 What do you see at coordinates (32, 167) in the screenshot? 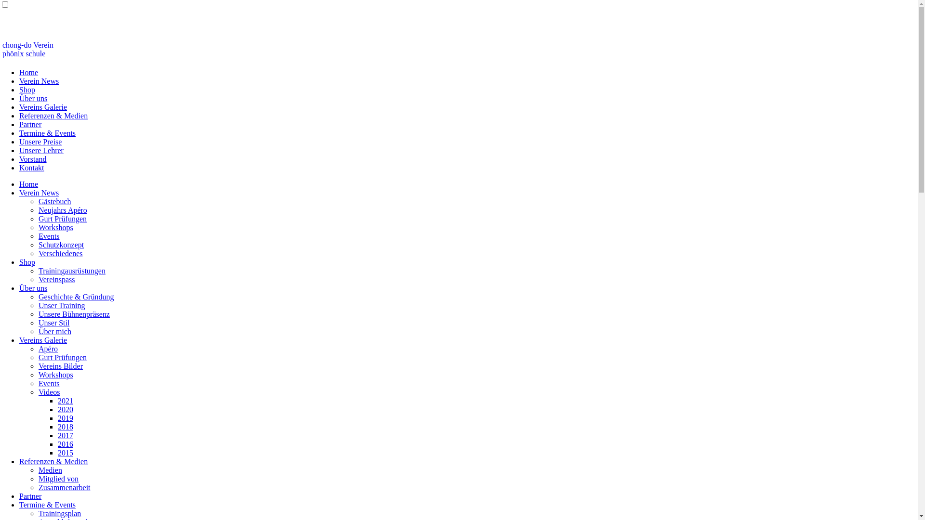
I see `'Kontakt'` at bounding box center [32, 167].